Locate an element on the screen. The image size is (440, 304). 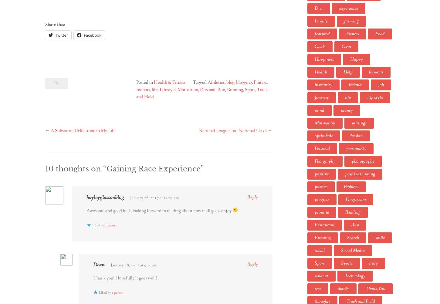
'mind' is located at coordinates (319, 110).